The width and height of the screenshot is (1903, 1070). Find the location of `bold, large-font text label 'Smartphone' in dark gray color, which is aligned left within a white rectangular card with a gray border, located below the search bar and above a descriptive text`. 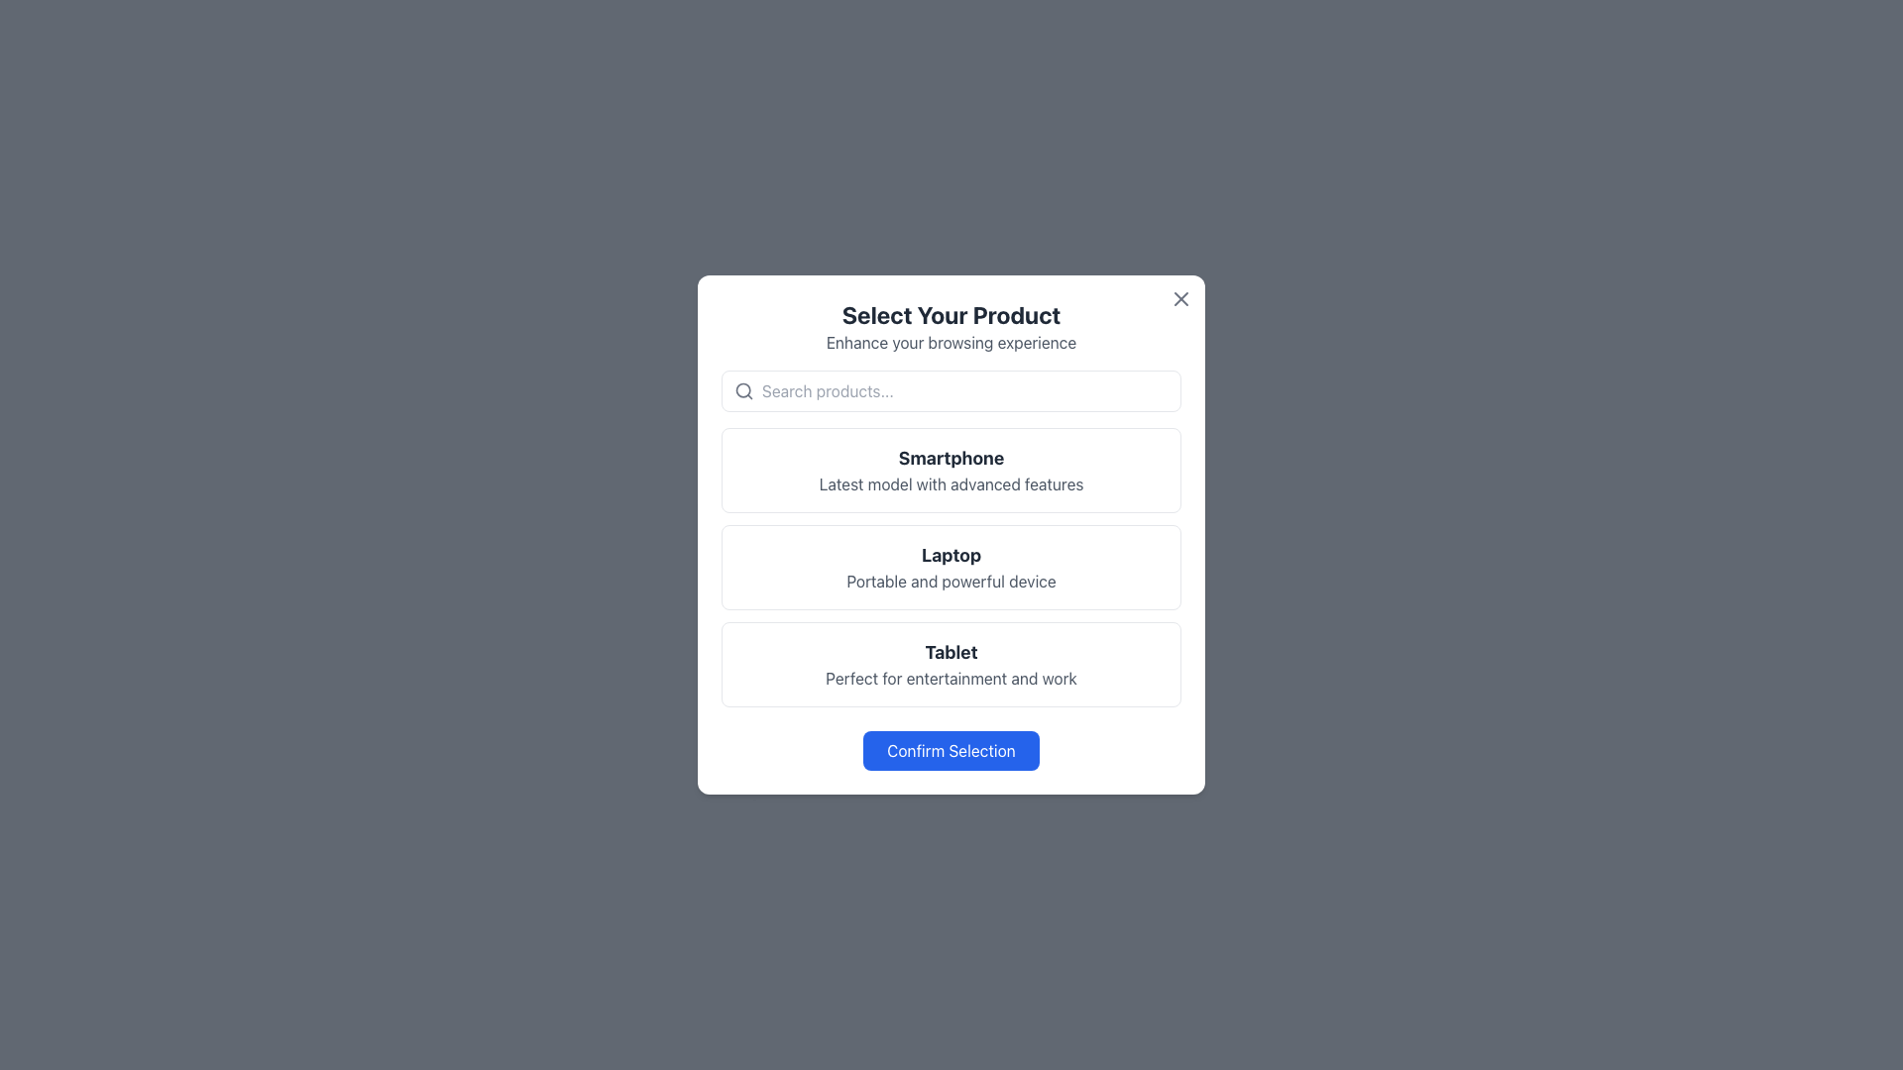

bold, large-font text label 'Smartphone' in dark gray color, which is aligned left within a white rectangular card with a gray border, located below the search bar and above a descriptive text is located at coordinates (951, 458).